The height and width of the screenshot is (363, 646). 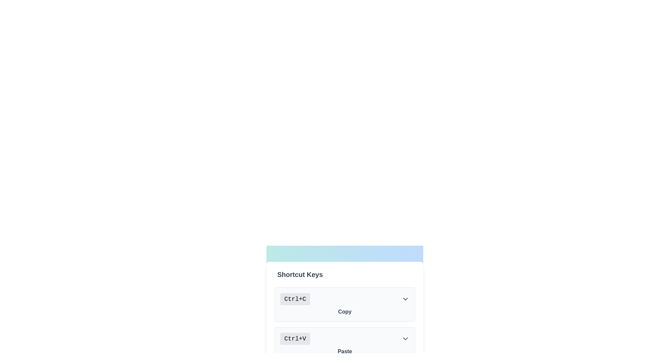 What do you see at coordinates (405, 338) in the screenshot?
I see `the downwards-pointing chevron icon of the Dropdown toggle button located adjacent to the 'Ctrl+V' label` at bounding box center [405, 338].